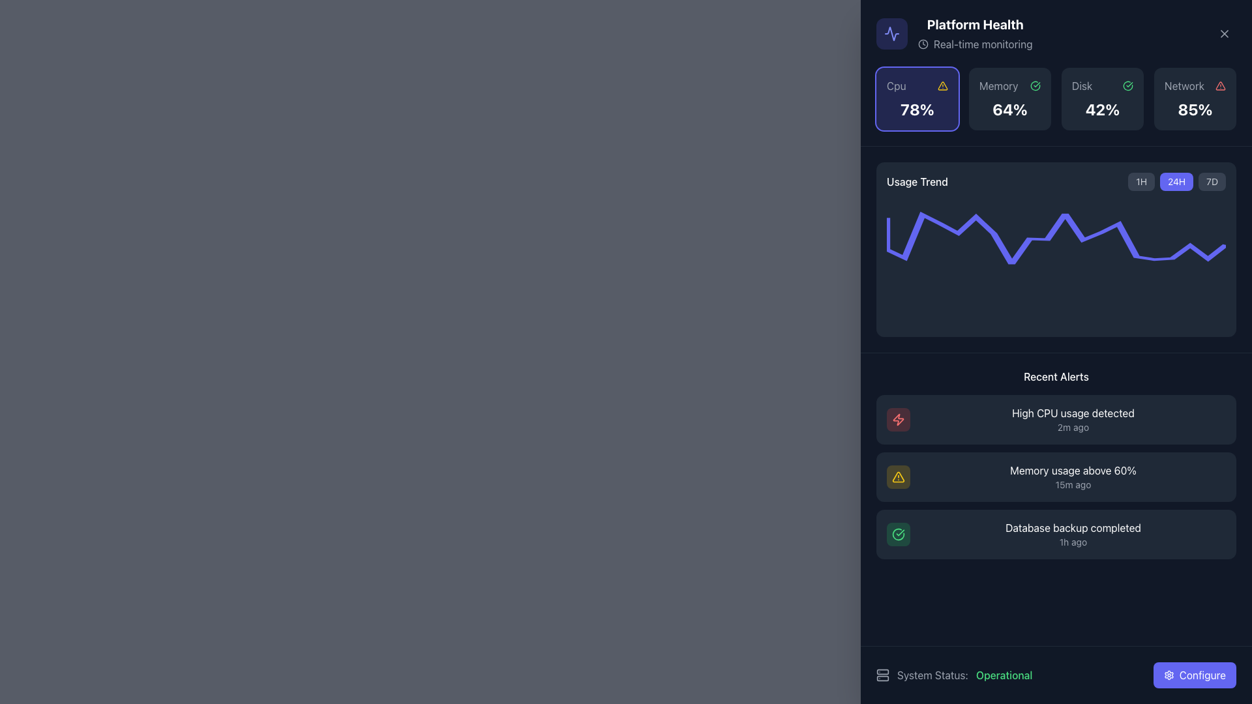 This screenshot has width=1252, height=704. Describe the element at coordinates (882, 675) in the screenshot. I see `the static icon representing system functionality that indicates the system status, located at the bottom left of the right panel adjacent to the text 'System Status: Operational'` at that location.